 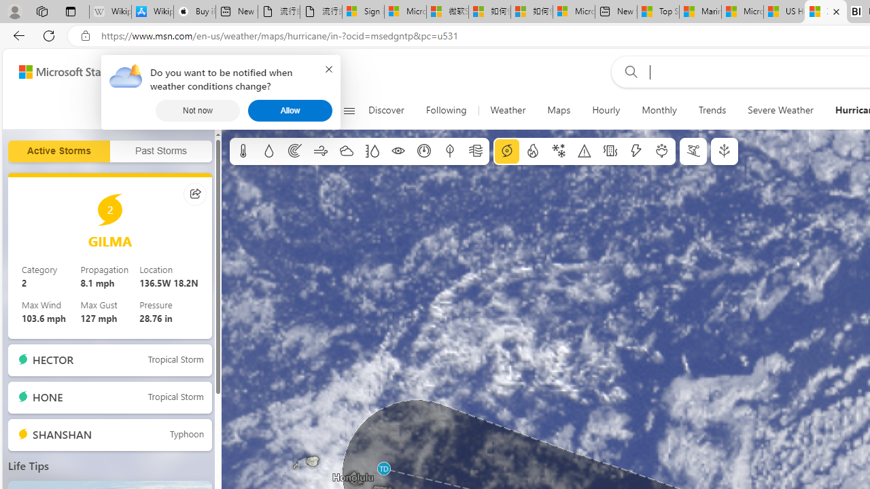 I want to click on 'Fire information', so click(x=532, y=151).